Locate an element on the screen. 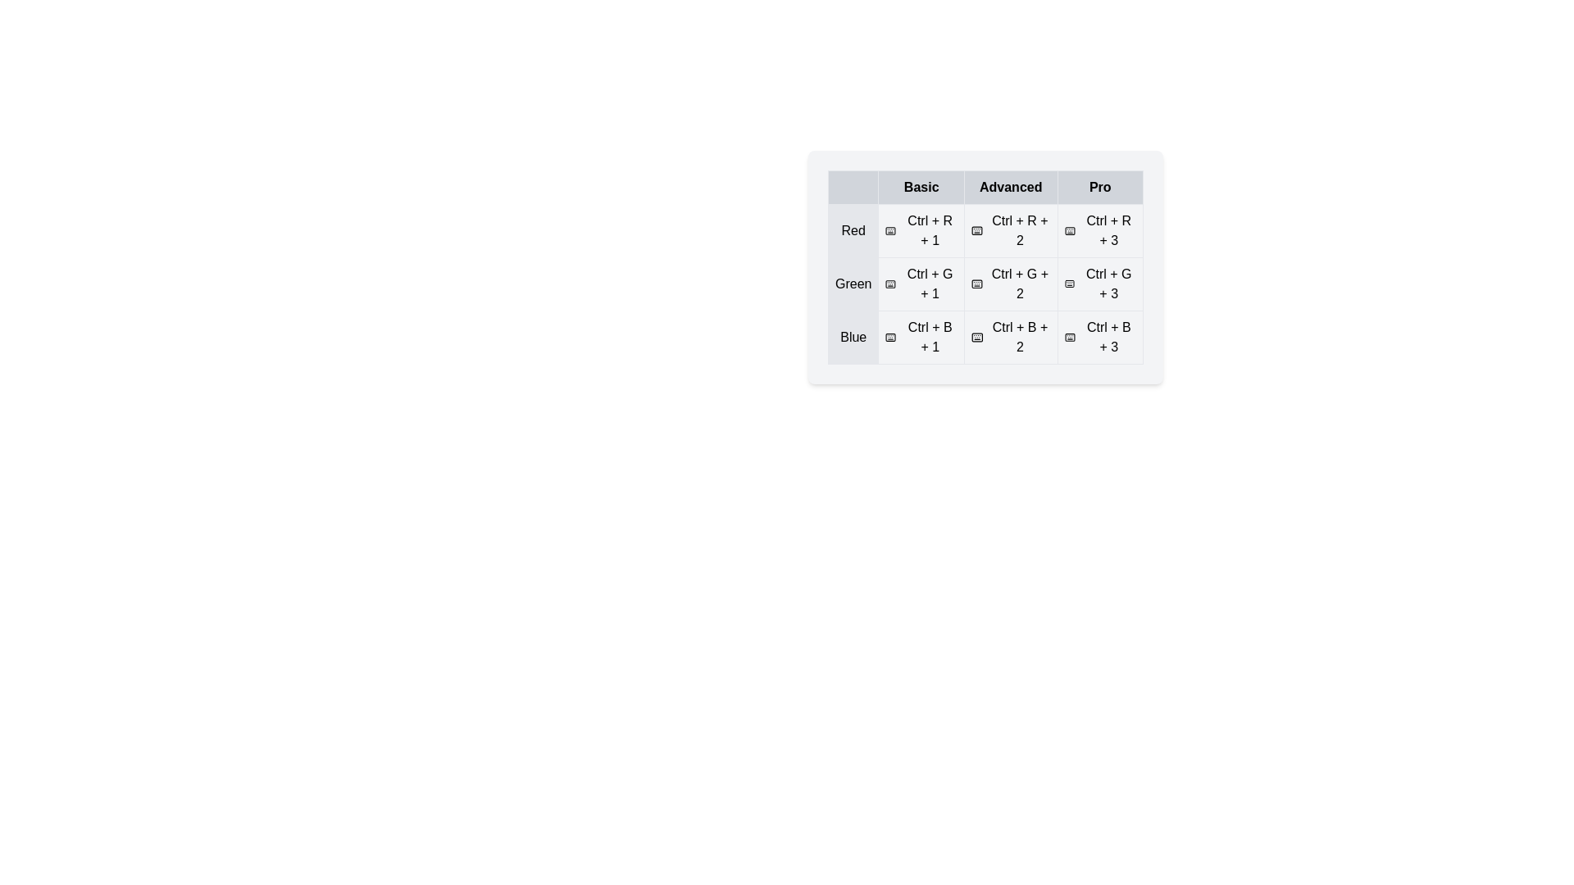 The height and width of the screenshot is (885, 1574). descriptive text 'Ctrl + R + 3' located in the third row and third column of the grid, which is visually styled with a black font and accompanied by a small keyboard icon is located at coordinates (1100, 230).